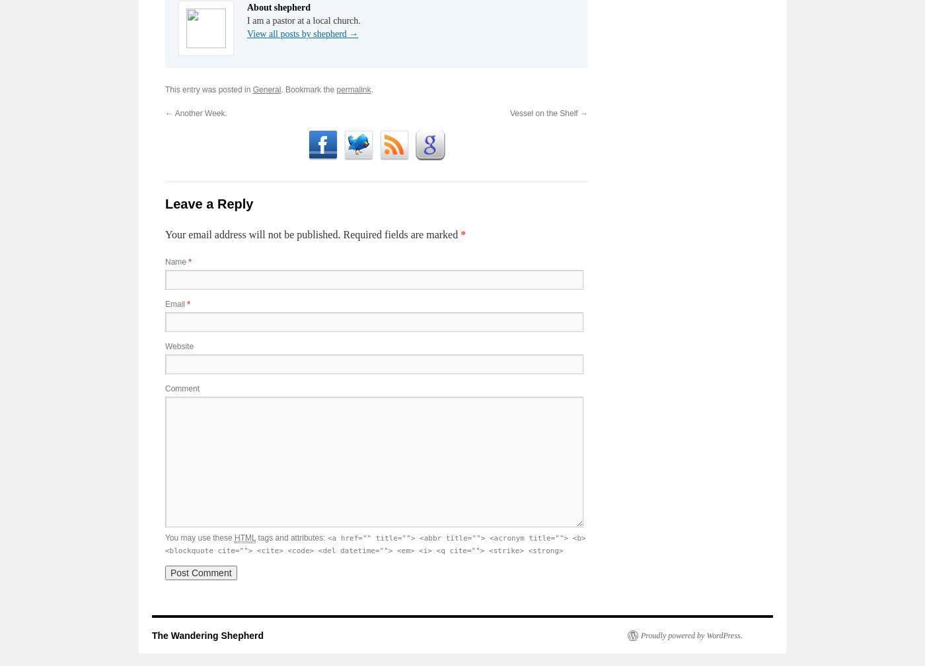 The width and height of the screenshot is (925, 666). Describe the element at coordinates (176, 261) in the screenshot. I see `'Name'` at that location.